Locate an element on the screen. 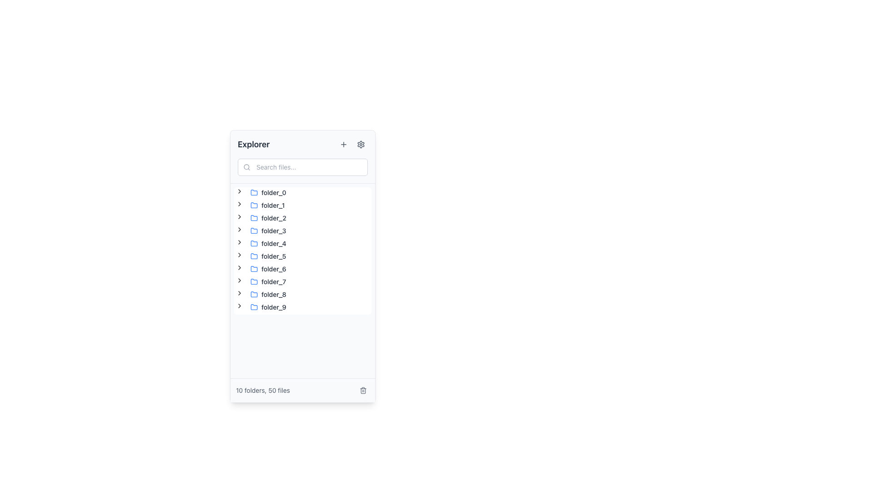  the blue folder icon located before the text 'folder_0' in the vertical list of folder items is located at coordinates (254, 192).